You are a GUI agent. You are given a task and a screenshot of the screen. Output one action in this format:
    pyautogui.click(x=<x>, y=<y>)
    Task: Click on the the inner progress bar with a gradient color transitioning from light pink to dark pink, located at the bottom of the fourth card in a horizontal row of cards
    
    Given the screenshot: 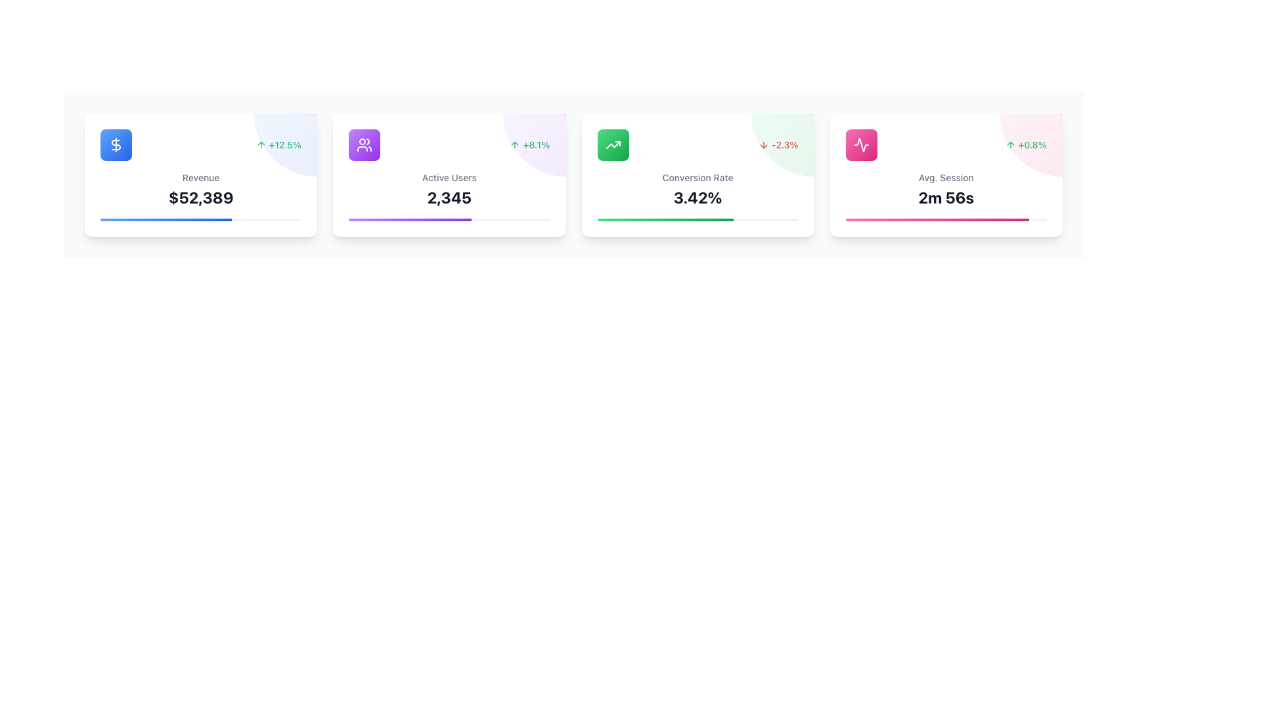 What is the action you would take?
    pyautogui.click(x=937, y=219)
    